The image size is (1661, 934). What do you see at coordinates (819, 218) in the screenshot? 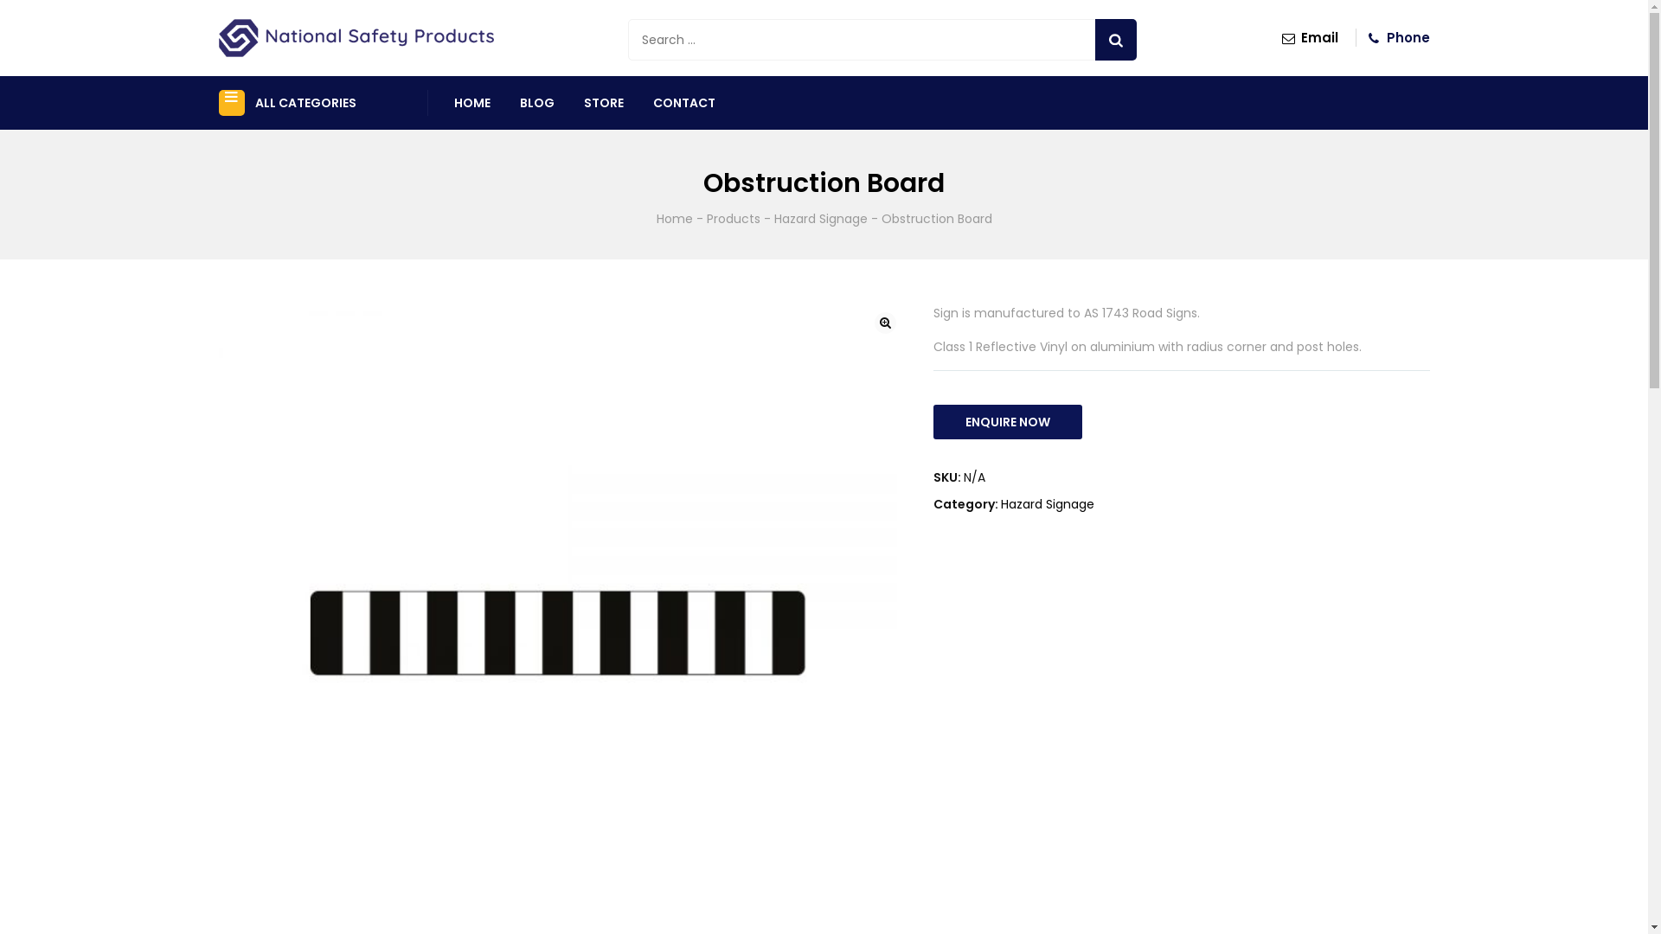
I see `'Hazard Signage'` at bounding box center [819, 218].